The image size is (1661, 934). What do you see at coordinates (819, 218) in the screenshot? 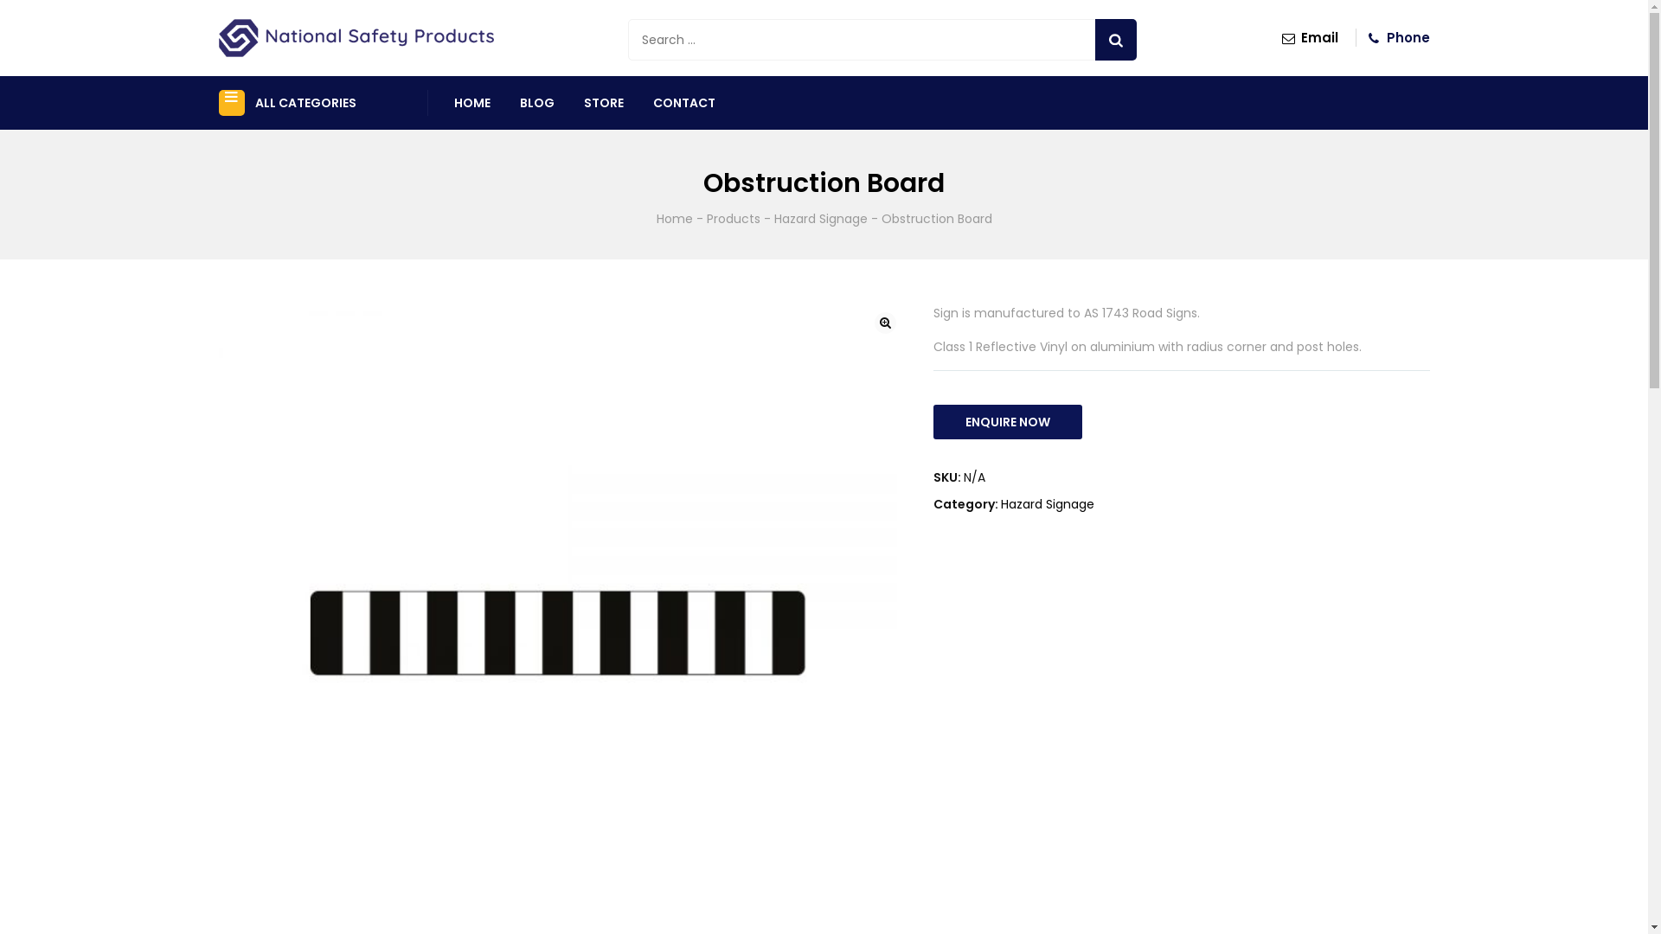
I see `'Hazard Signage'` at bounding box center [819, 218].